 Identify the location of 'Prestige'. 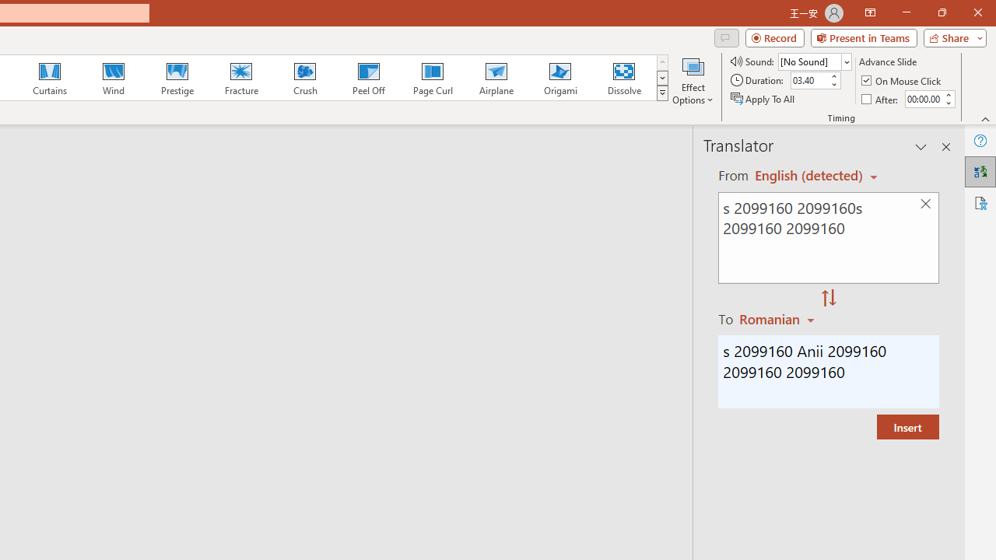
(177, 78).